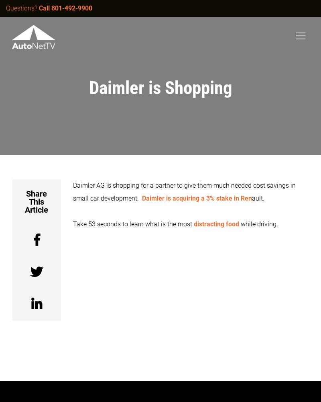 Image resolution: width=321 pixels, height=402 pixels. Describe the element at coordinates (65, 8) in the screenshot. I see `'Call 801-492-9900'` at that location.